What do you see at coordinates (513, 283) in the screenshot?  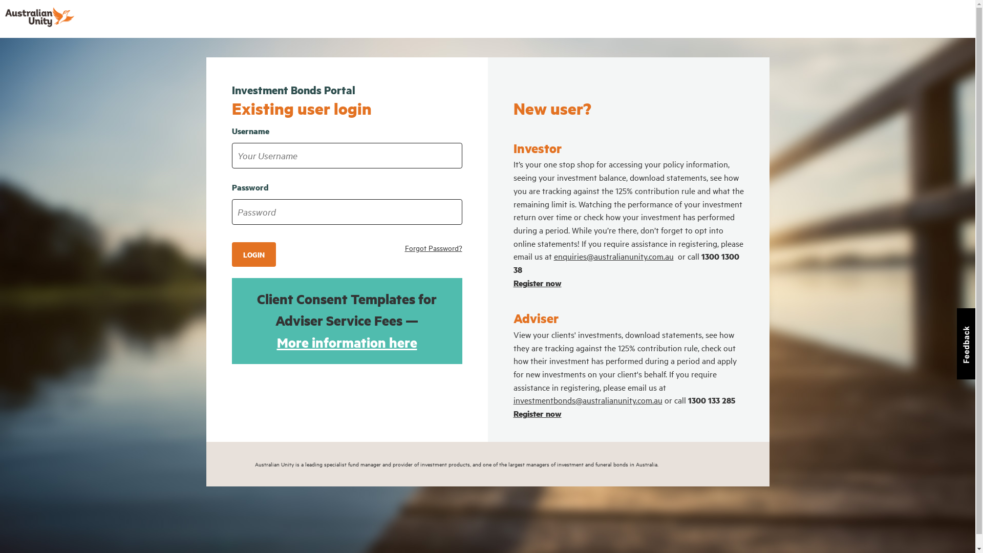 I see `'Register now'` at bounding box center [513, 283].